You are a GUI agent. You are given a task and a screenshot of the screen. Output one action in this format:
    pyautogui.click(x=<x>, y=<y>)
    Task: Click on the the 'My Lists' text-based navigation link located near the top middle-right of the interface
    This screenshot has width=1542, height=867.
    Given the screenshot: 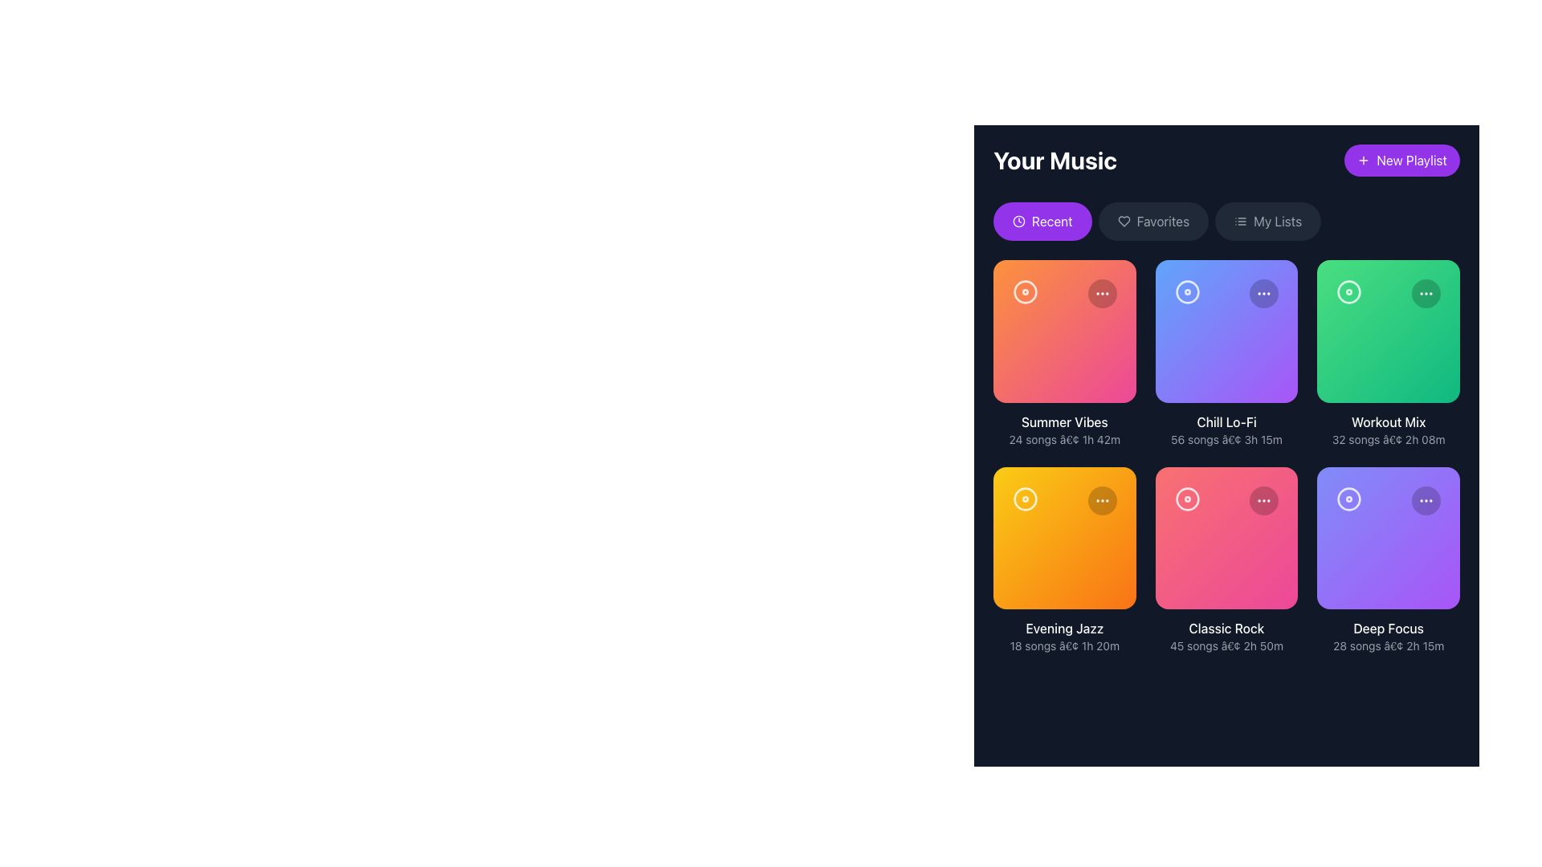 What is the action you would take?
    pyautogui.click(x=1277, y=222)
    